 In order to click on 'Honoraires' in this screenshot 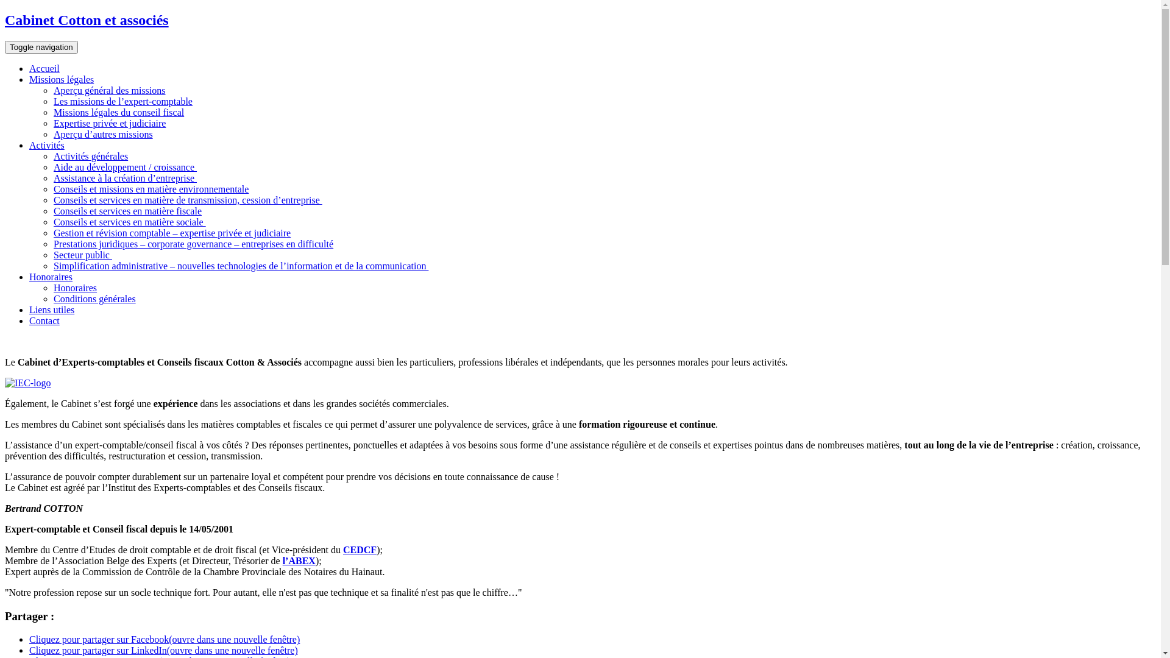, I will do `click(52, 288)`.